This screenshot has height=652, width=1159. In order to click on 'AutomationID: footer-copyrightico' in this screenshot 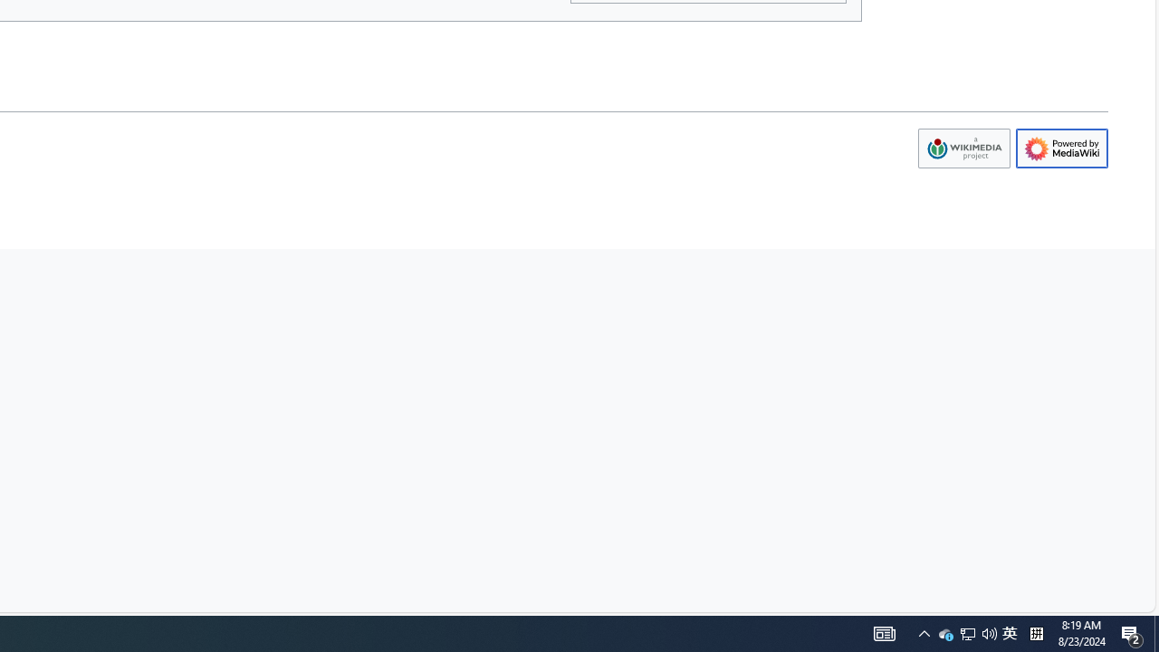, I will do `click(963, 148)`.